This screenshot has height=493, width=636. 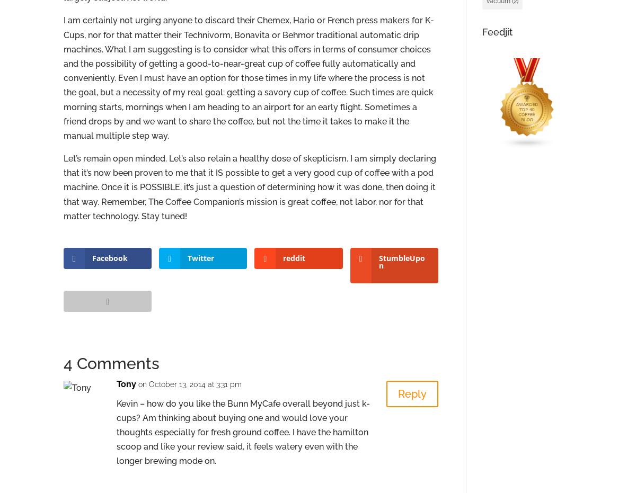 I want to click on '4 Comments', so click(x=111, y=363).